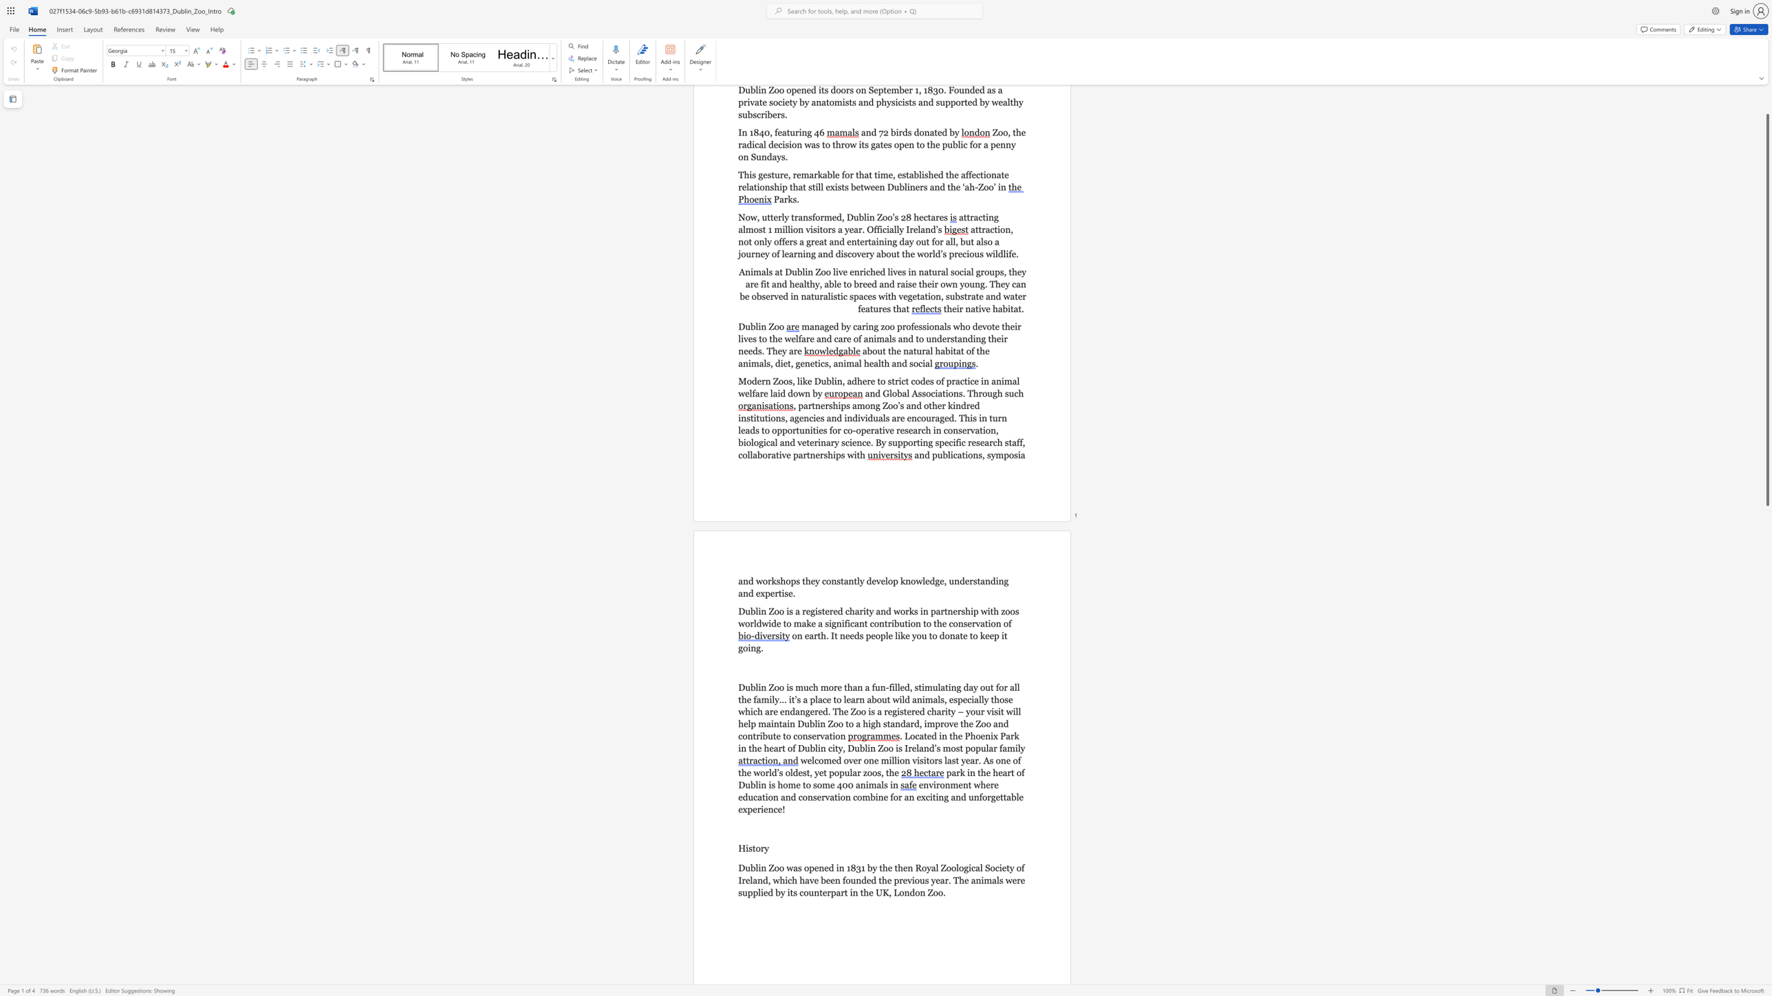  Describe the element at coordinates (862, 102) in the screenshot. I see `the subset text "nd physicists and suppor" within the text "Dublin Zoo opened its doors on September 1, 1830. Founded as a private society by anatomists and physicists and supported by wealthy subscribers."` at that location.